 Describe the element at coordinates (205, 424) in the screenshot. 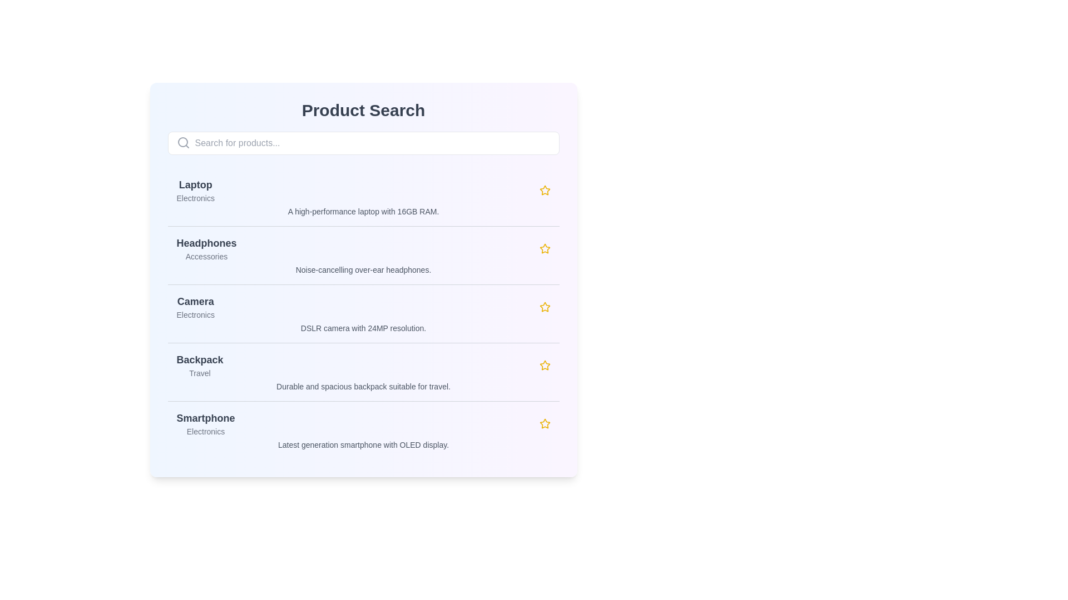

I see `the text 'Smartphone' and 'Electronics' for copying from the vertically displayed text element located in the fifth row of the list, below the 'Backpack' item` at that location.